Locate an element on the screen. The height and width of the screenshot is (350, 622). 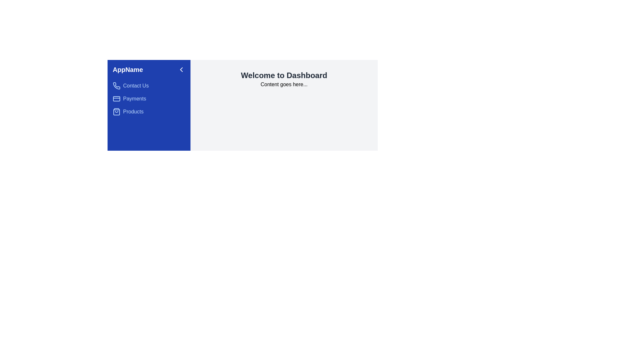
the 'Contact Us' menu item in the SidebarMenu is located at coordinates (149, 86).